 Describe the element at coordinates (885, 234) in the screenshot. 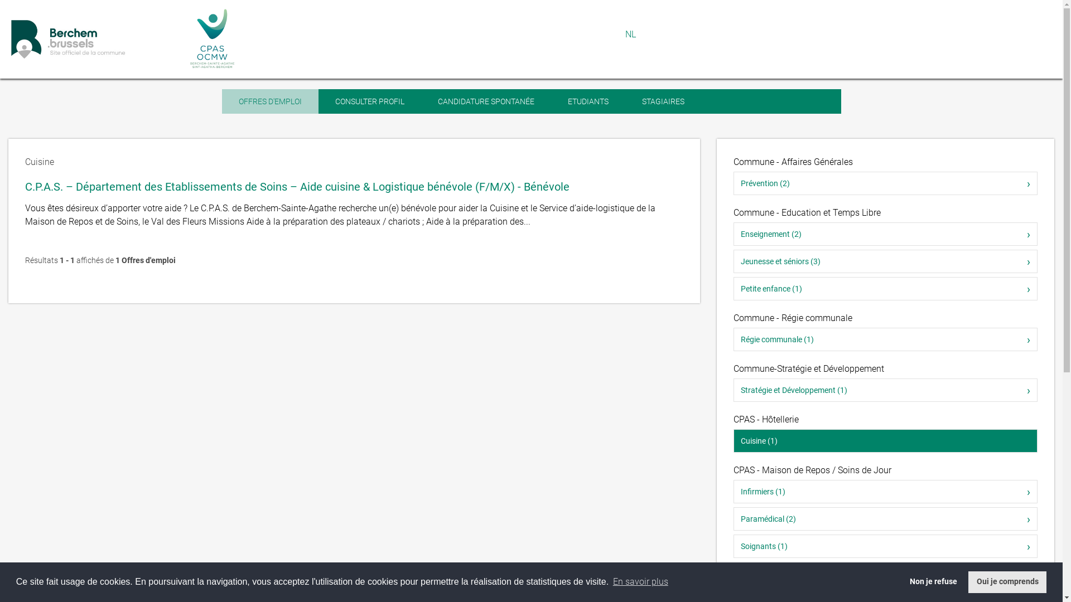

I see `'Enseignement (2)'` at that location.